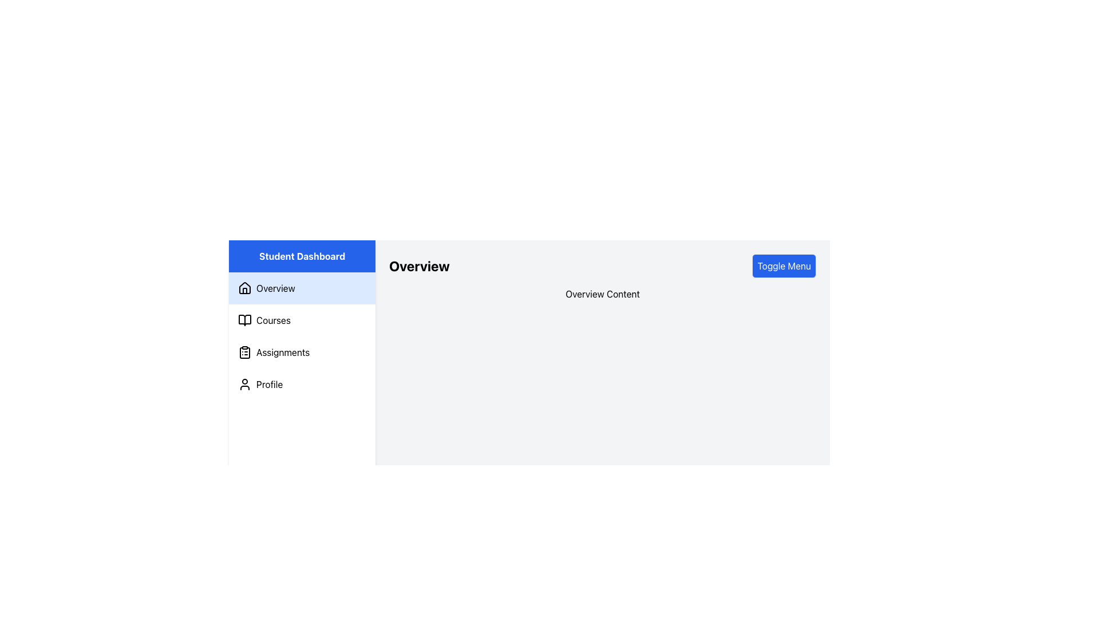  I want to click on the rectangular button with a blue background and white text that says 'Toggle Menu', so click(784, 266).